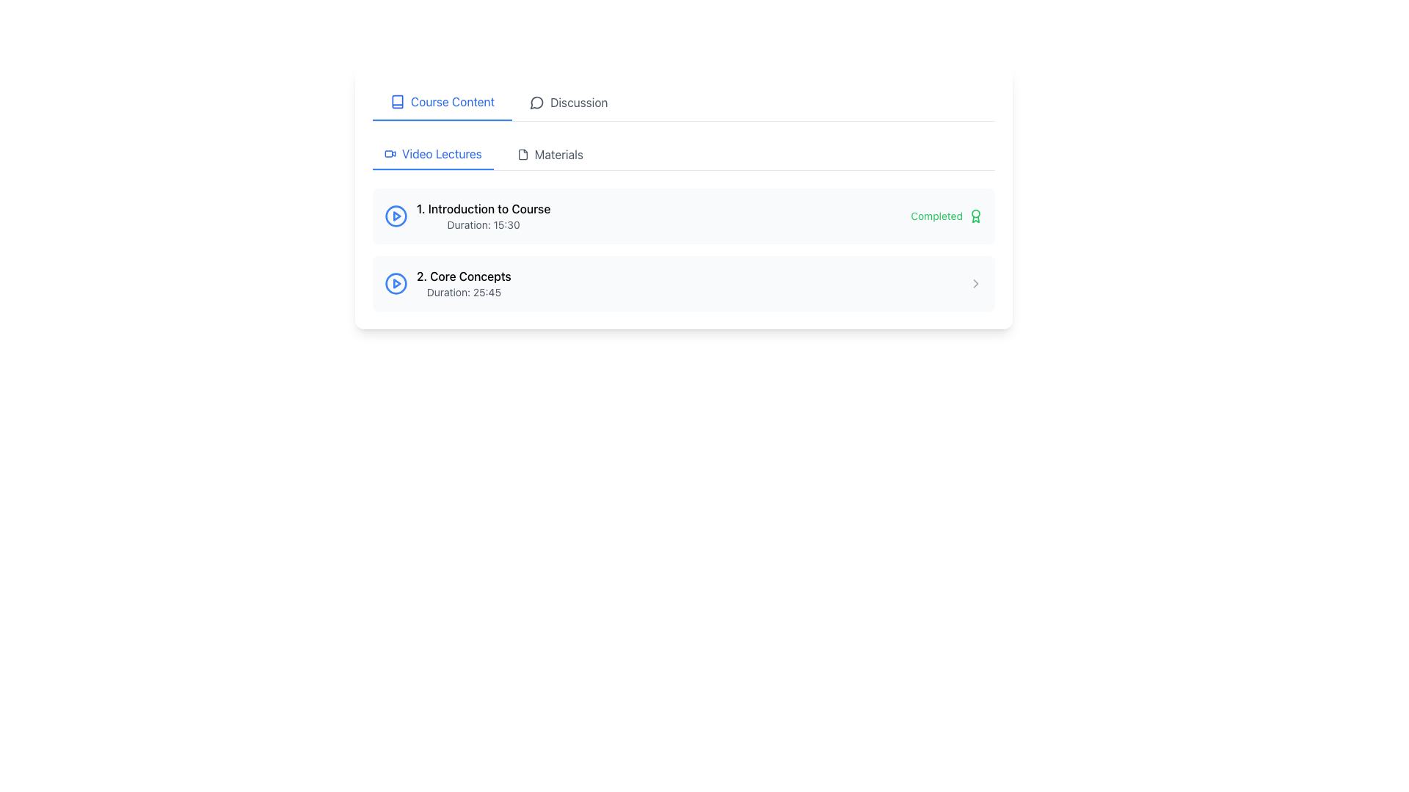 This screenshot has height=792, width=1409. What do you see at coordinates (682, 283) in the screenshot?
I see `the second list item titled '2. Core Concepts'` at bounding box center [682, 283].